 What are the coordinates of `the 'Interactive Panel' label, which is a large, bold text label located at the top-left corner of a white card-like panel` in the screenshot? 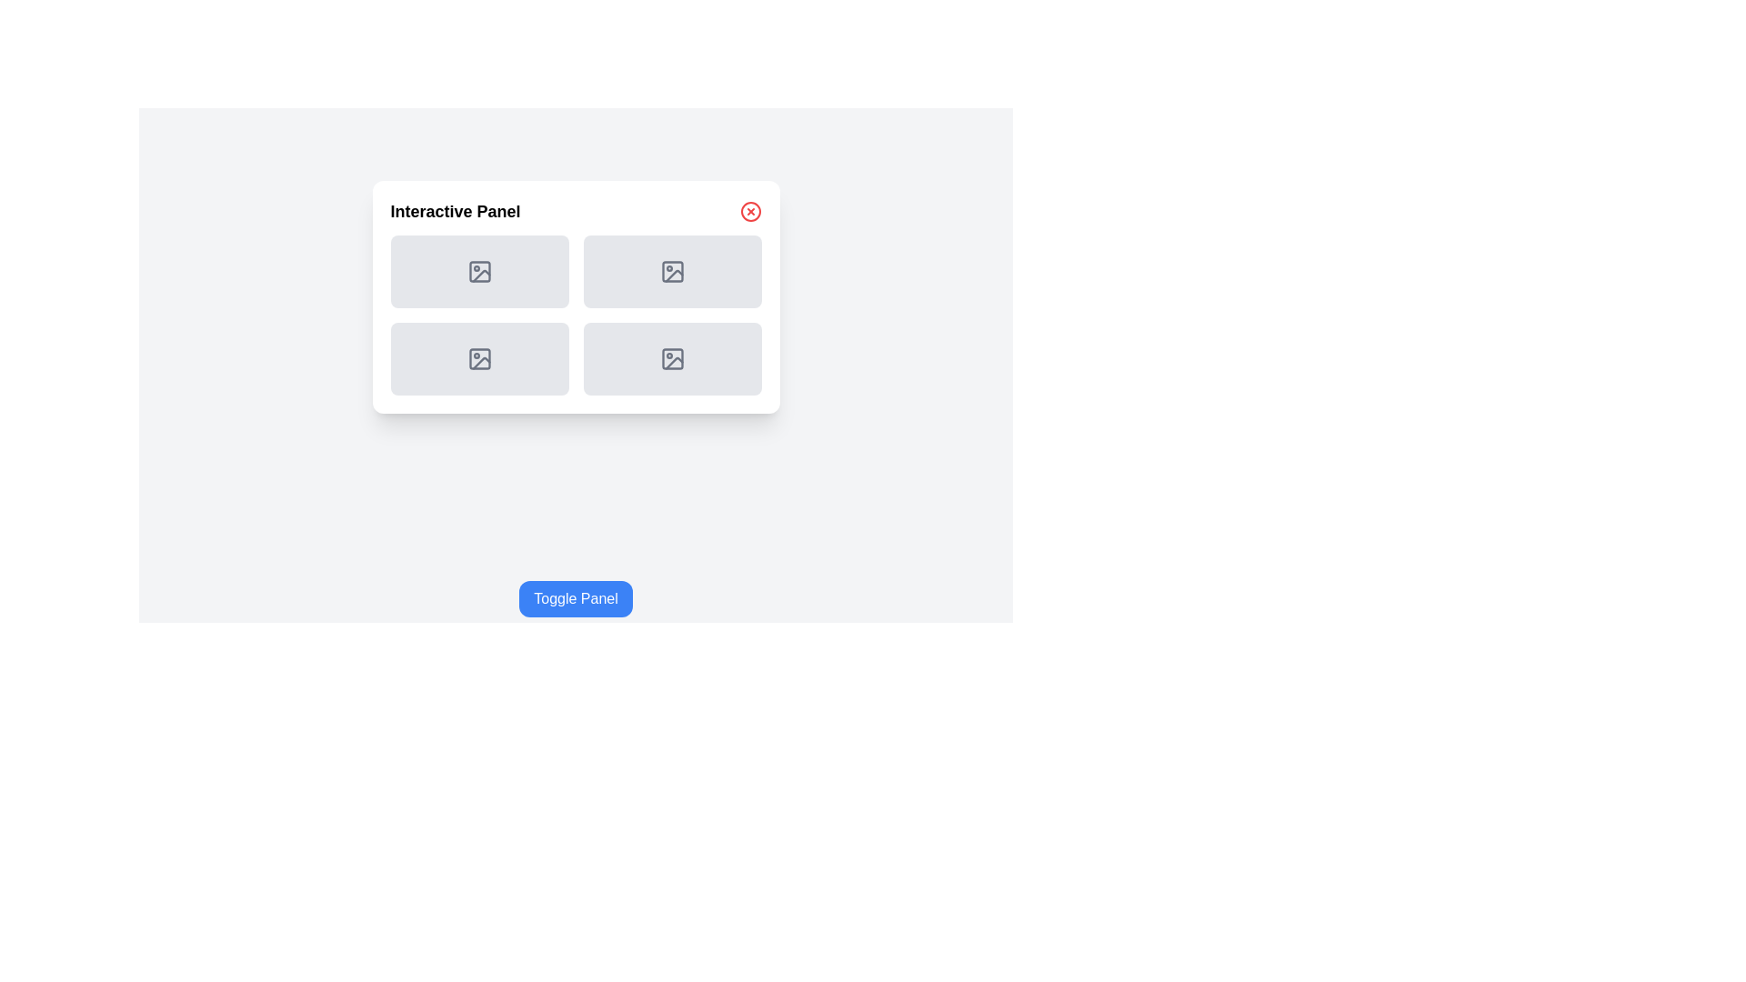 It's located at (456, 210).